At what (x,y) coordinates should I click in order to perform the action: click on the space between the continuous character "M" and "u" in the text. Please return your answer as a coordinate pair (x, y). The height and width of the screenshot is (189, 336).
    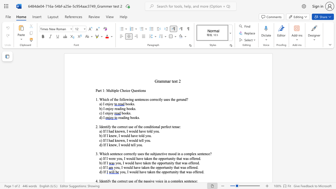
    Looking at the image, I should click on (109, 90).